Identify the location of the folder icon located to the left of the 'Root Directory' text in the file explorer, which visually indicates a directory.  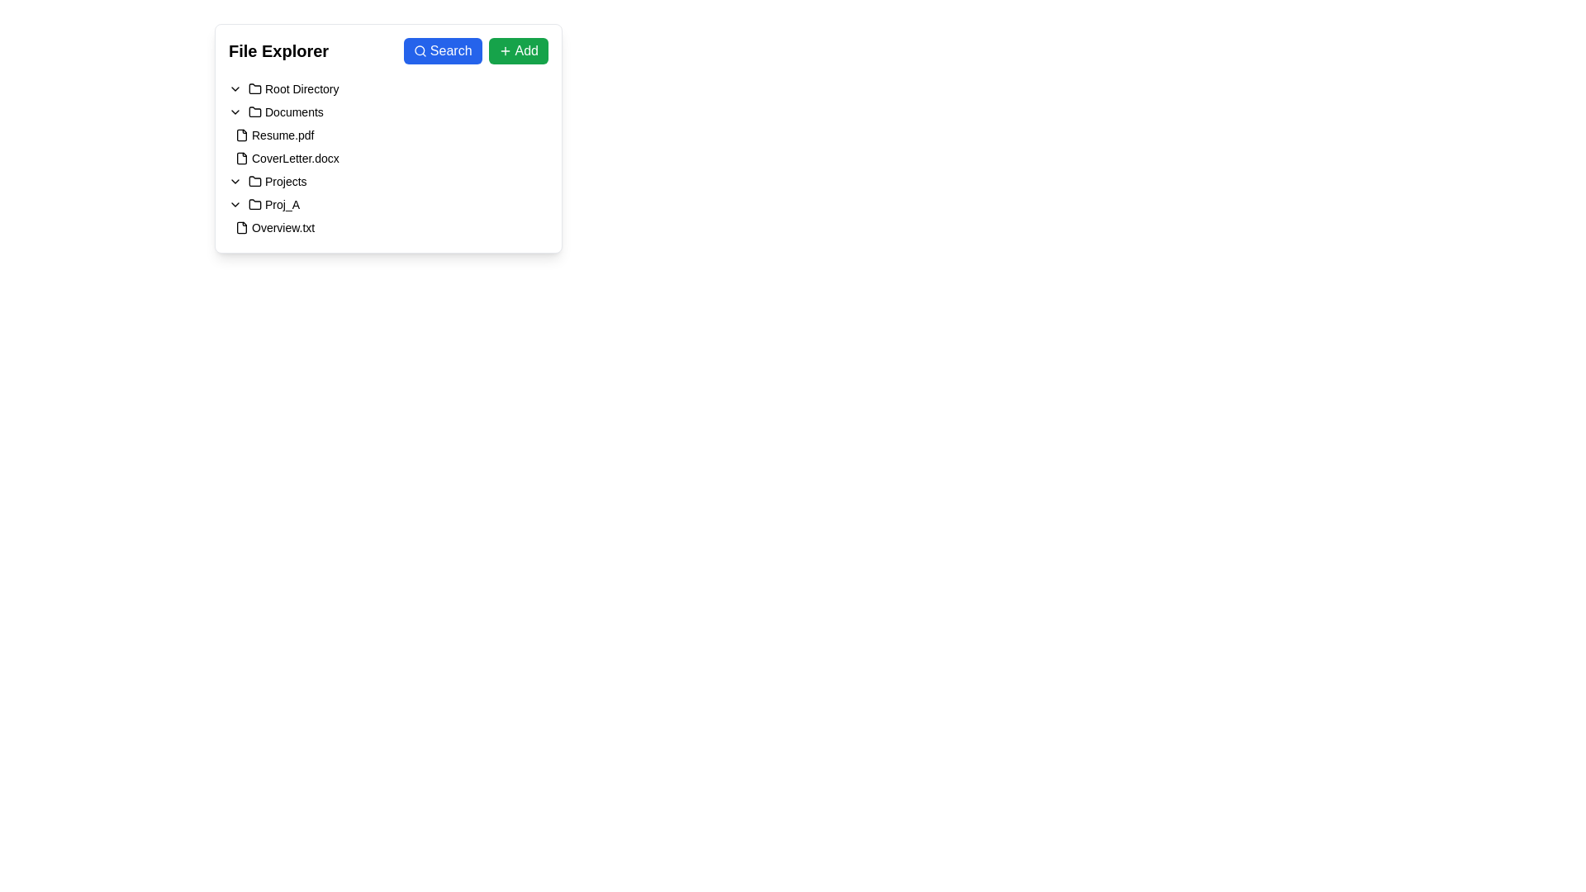
(254, 89).